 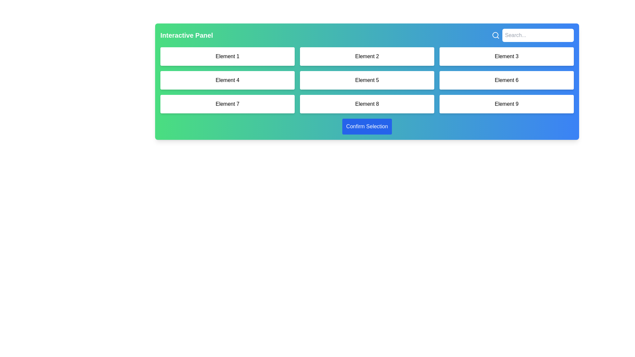 I want to click on the button labeled 'Element 3', which is a rectangular button with rounded corners located in the top-right corner of a three-column grid layout, so click(x=506, y=56).